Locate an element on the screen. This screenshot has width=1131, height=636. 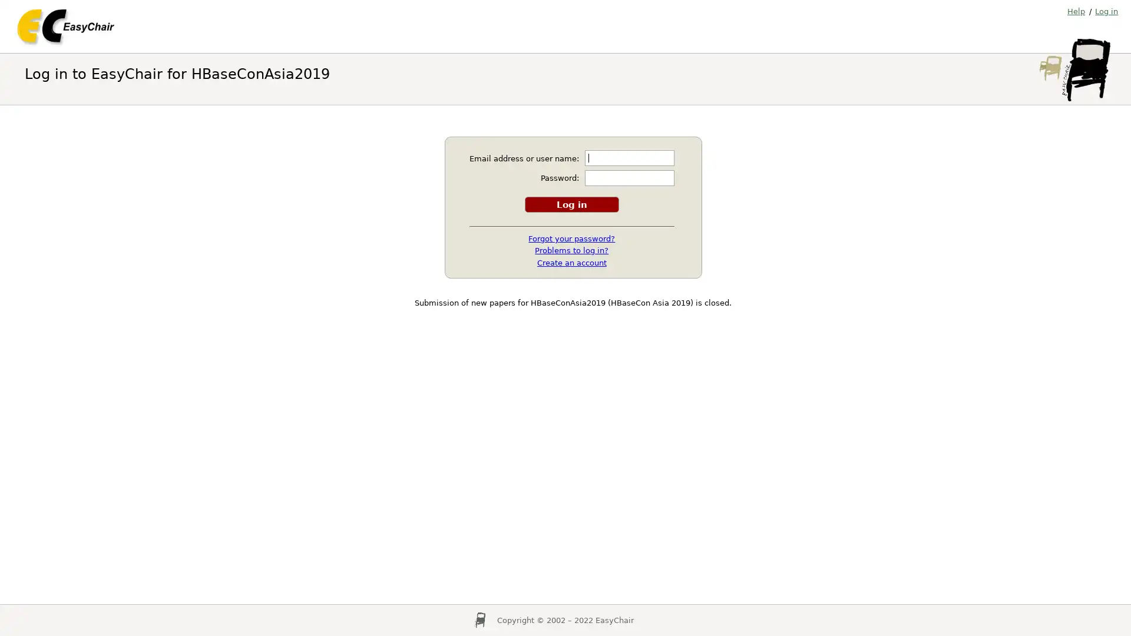
Log in is located at coordinates (571, 203).